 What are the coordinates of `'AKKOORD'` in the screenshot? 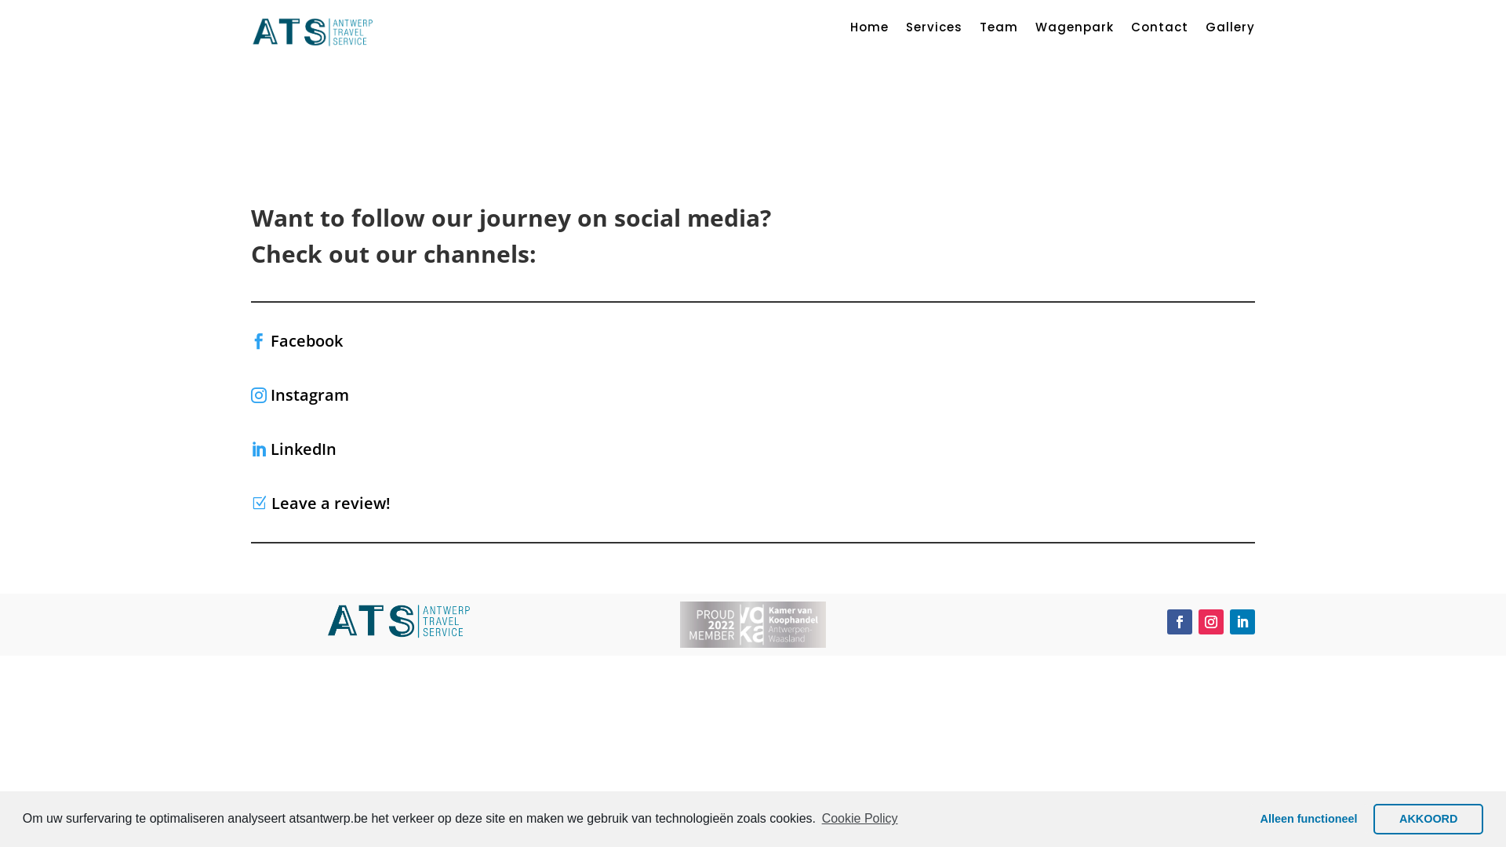 It's located at (1428, 818).